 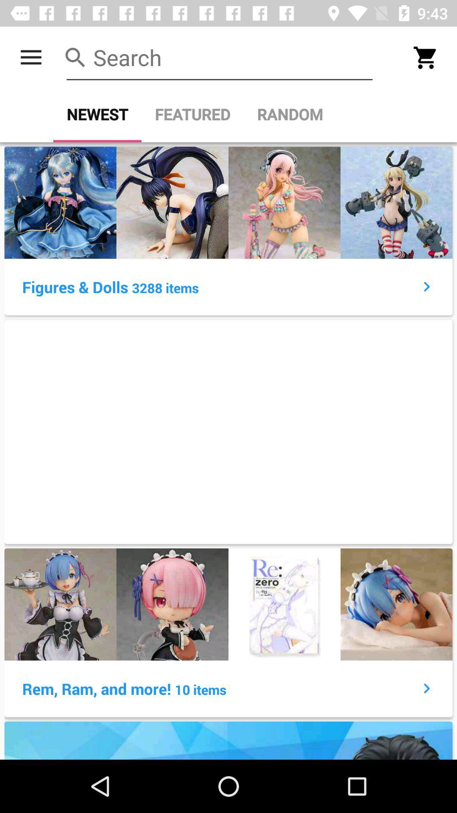 What do you see at coordinates (193, 114) in the screenshot?
I see `the featured icon` at bounding box center [193, 114].